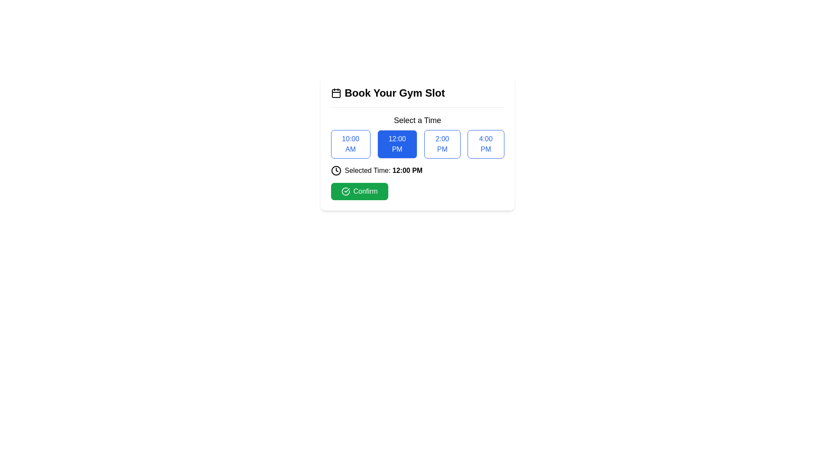  What do you see at coordinates (417, 143) in the screenshot?
I see `the highlighted button displaying '12:00 PM'` at bounding box center [417, 143].